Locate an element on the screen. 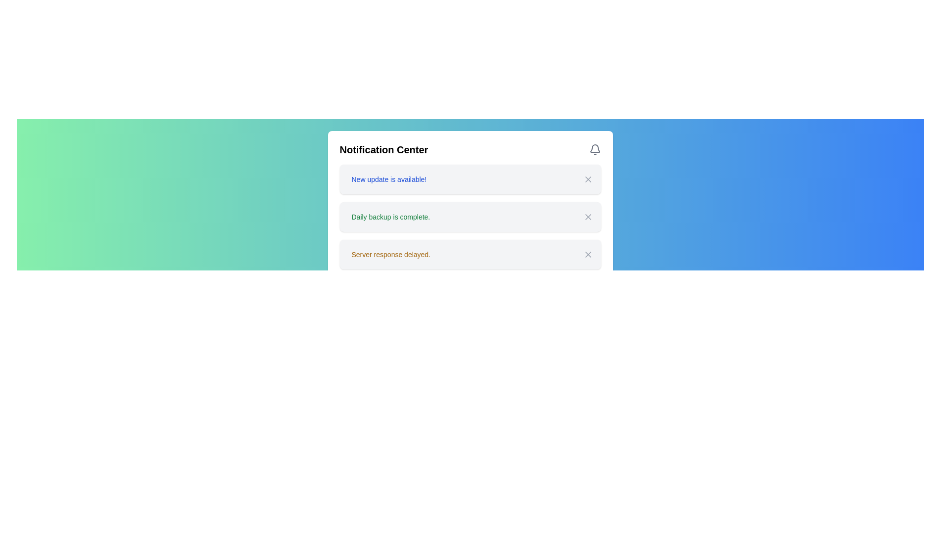  the bell icon located at the upper-right corner of the 'Notification Center' header section, styled in neutral gray, which is approximately 24x24 pixels in size is located at coordinates (594, 150).